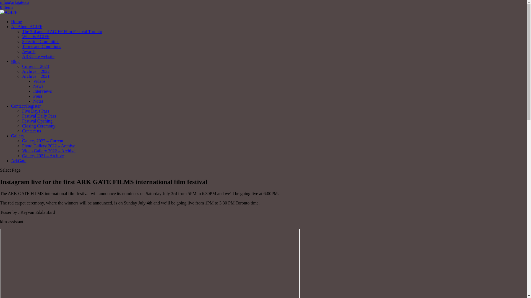 The width and height of the screenshot is (531, 298). I want to click on 'Home', so click(16, 21).